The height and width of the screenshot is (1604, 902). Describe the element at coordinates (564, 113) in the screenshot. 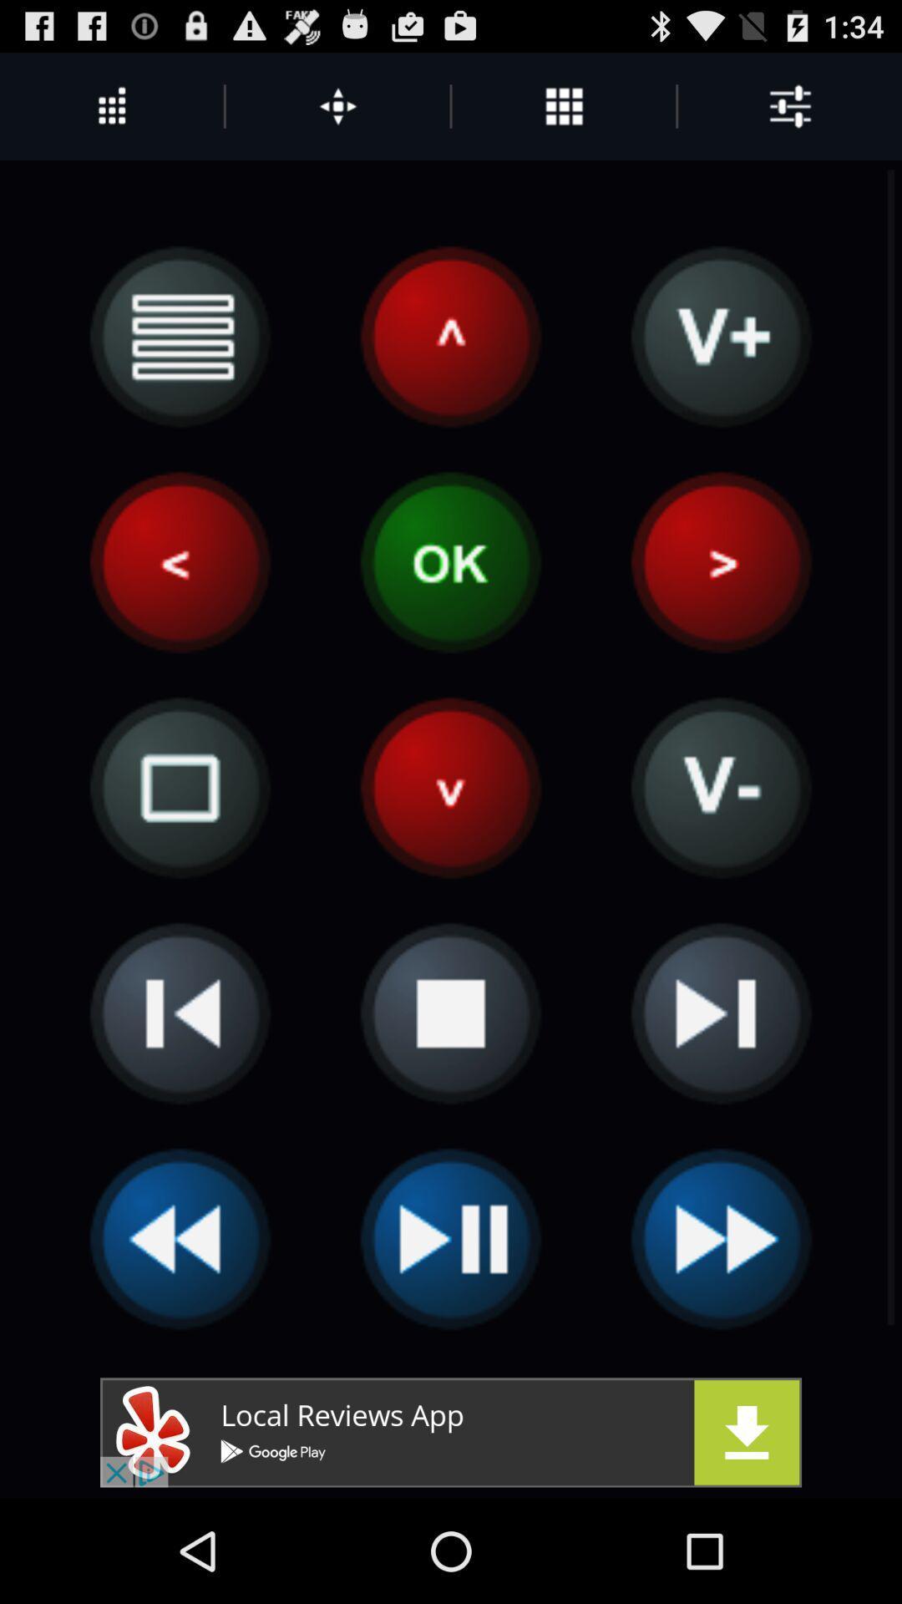

I see `the more icon` at that location.